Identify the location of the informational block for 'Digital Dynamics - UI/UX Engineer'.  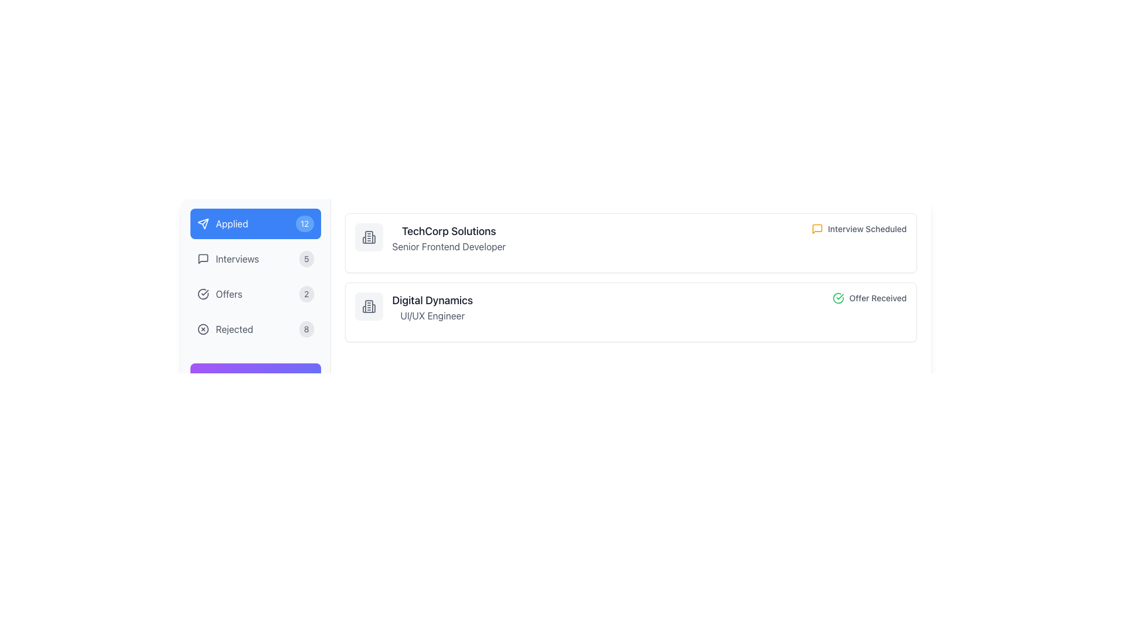
(414, 307).